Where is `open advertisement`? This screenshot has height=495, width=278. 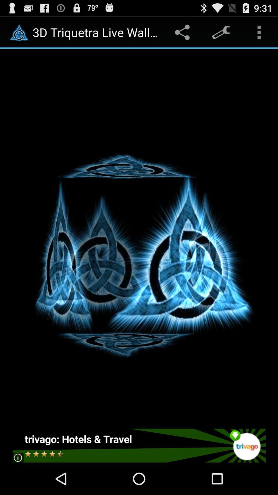 open advertisement is located at coordinates (139, 445).